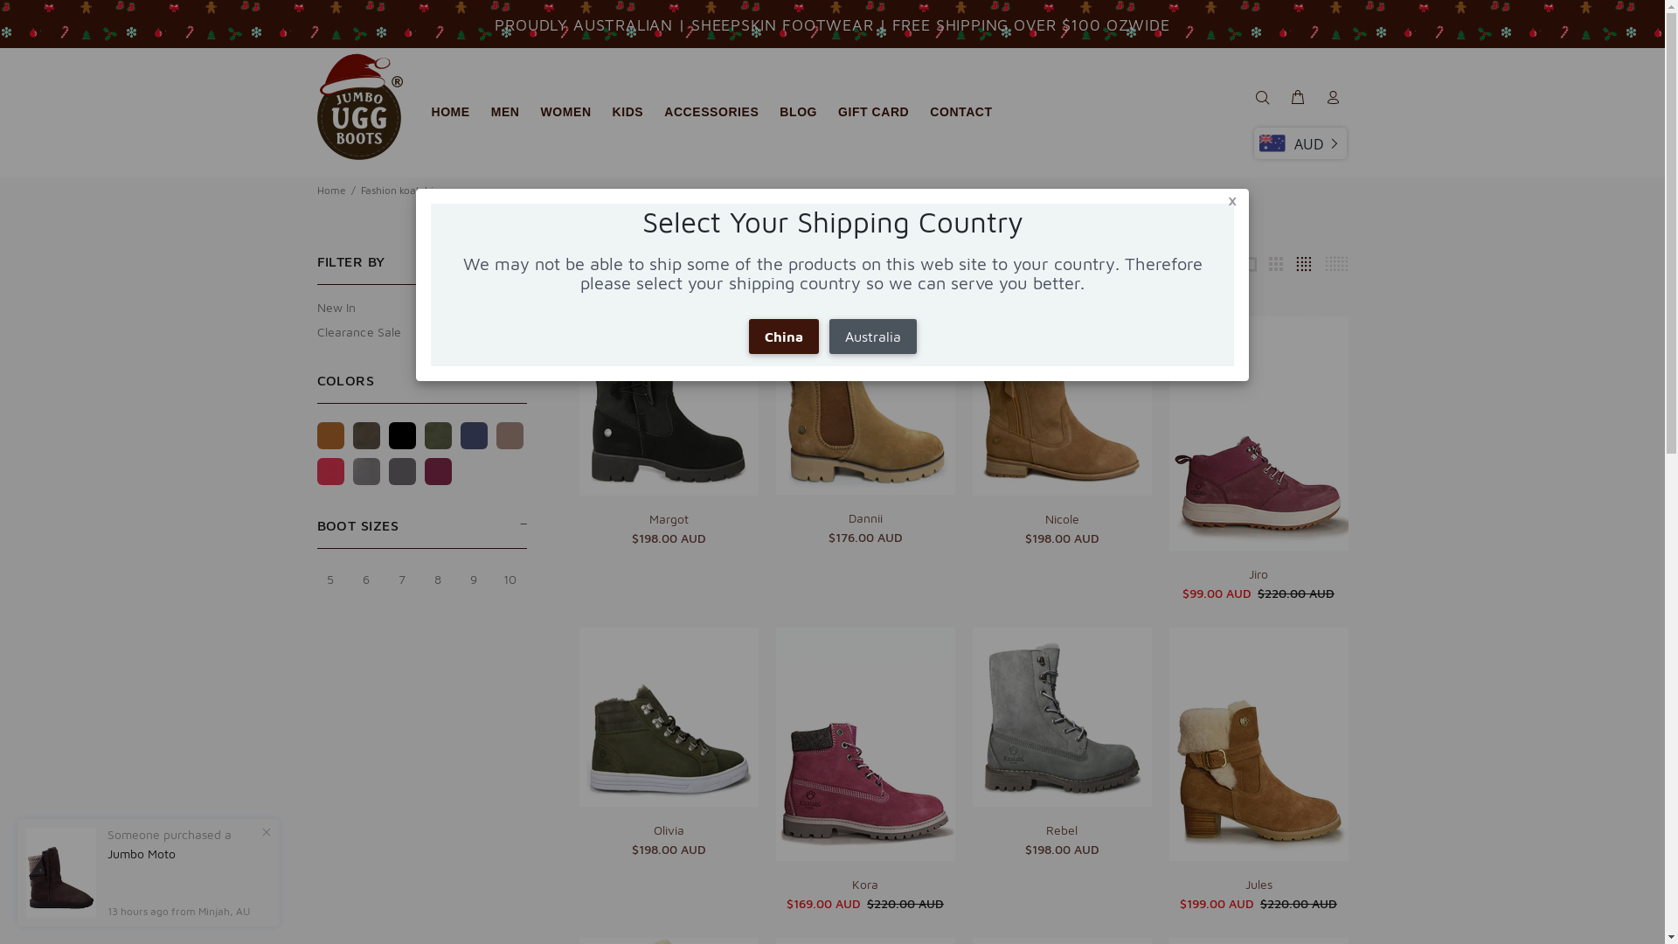 This screenshot has height=944, width=1678. Describe the element at coordinates (1248, 573) in the screenshot. I see `'Jiro'` at that location.